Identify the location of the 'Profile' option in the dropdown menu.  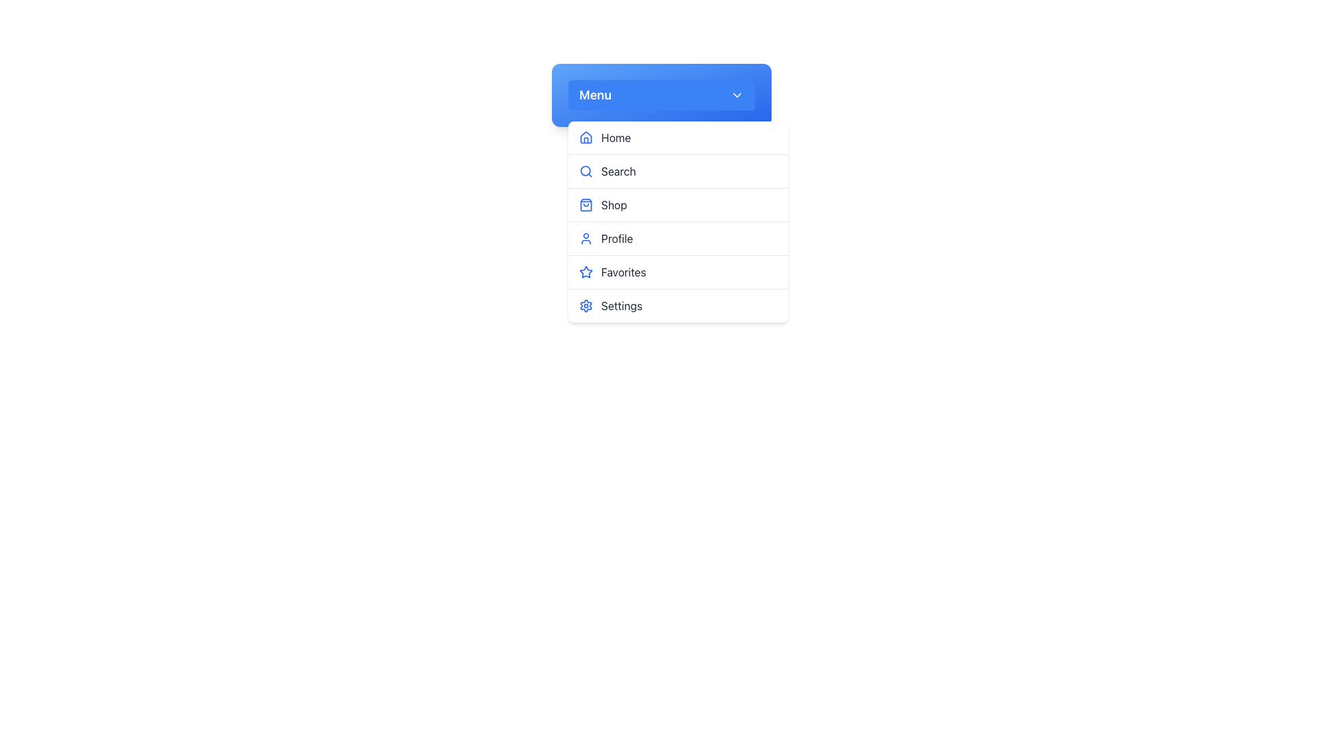
(678, 221).